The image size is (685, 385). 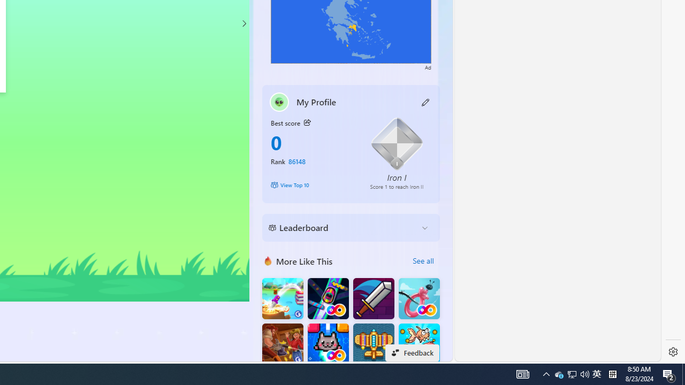 What do you see at coordinates (279, 102) in the screenshot?
I see `'""'` at bounding box center [279, 102].